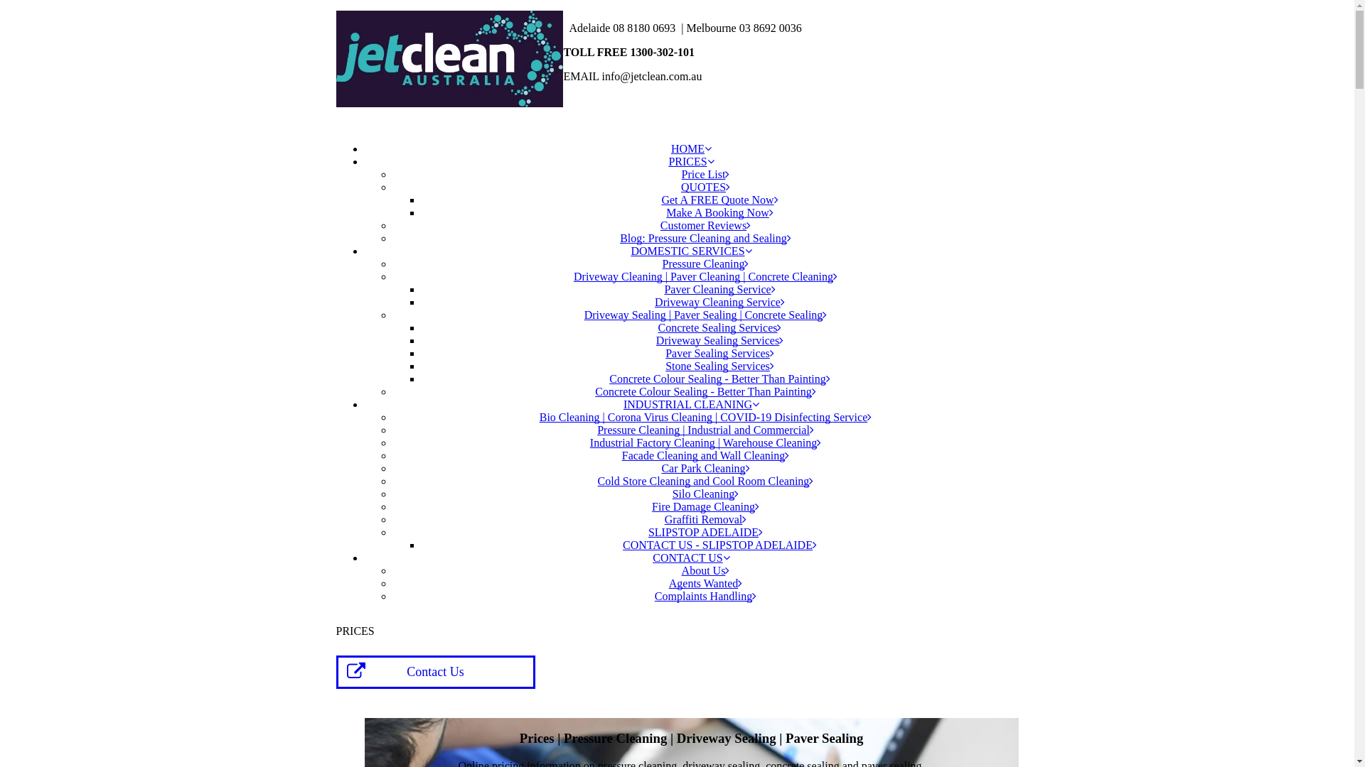 This screenshot has height=767, width=1365. Describe the element at coordinates (706, 173) in the screenshot. I see `'Price List'` at that location.